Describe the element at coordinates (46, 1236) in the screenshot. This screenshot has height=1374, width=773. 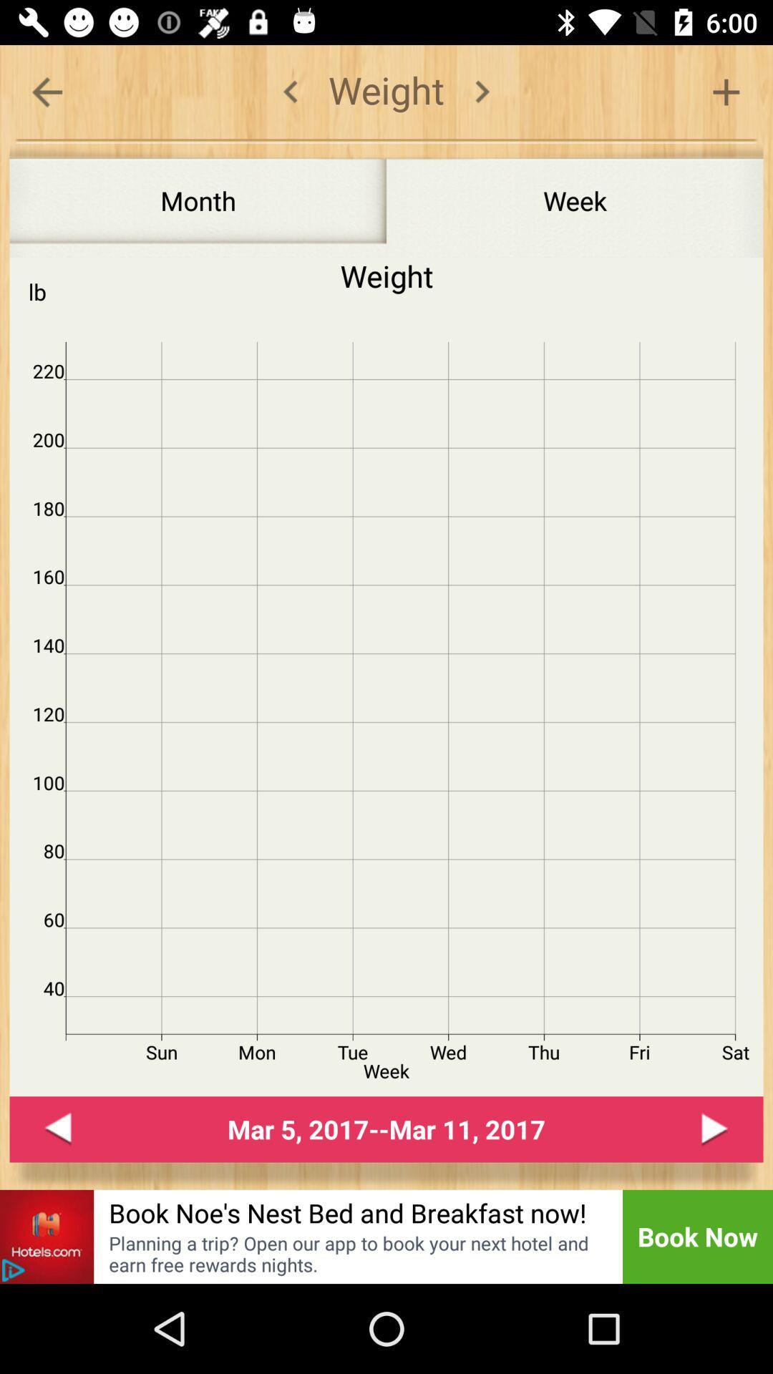
I see `advert` at that location.